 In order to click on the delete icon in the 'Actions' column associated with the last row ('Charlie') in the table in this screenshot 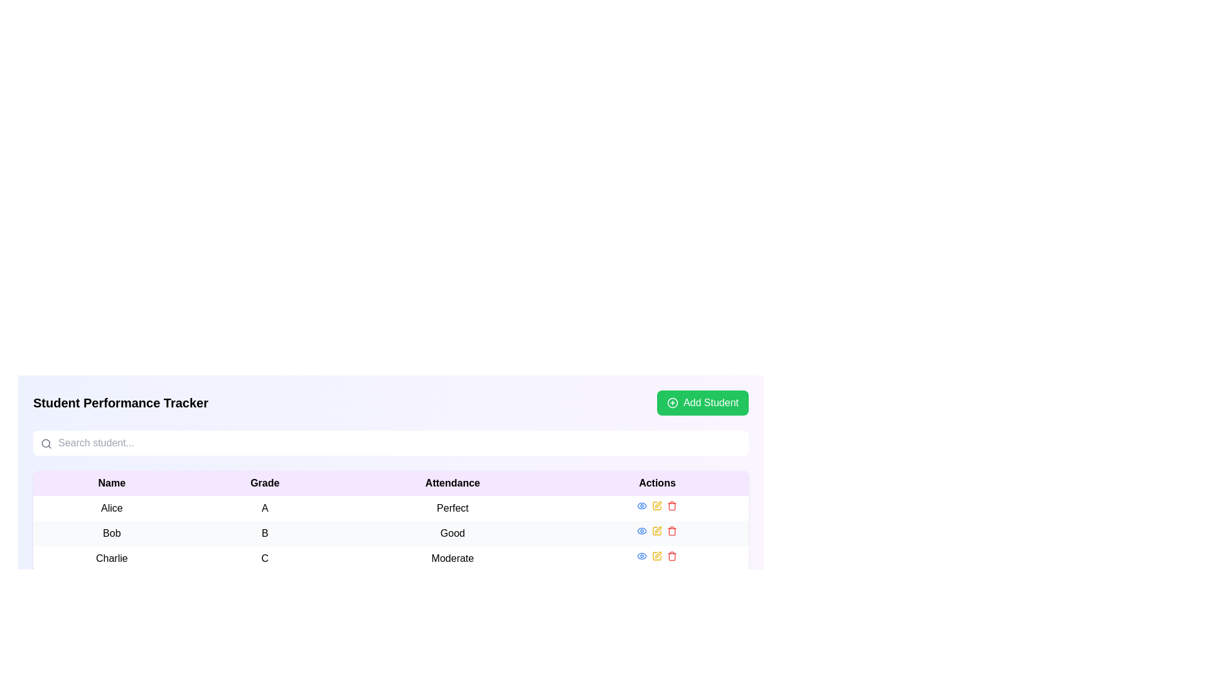, I will do `click(672, 556)`.